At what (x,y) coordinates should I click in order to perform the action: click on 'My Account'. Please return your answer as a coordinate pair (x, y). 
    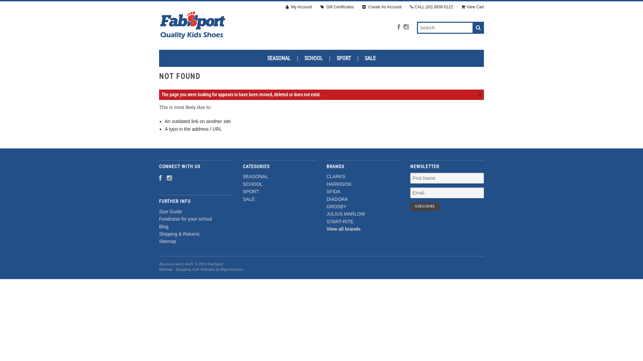
    Looking at the image, I should click on (298, 7).